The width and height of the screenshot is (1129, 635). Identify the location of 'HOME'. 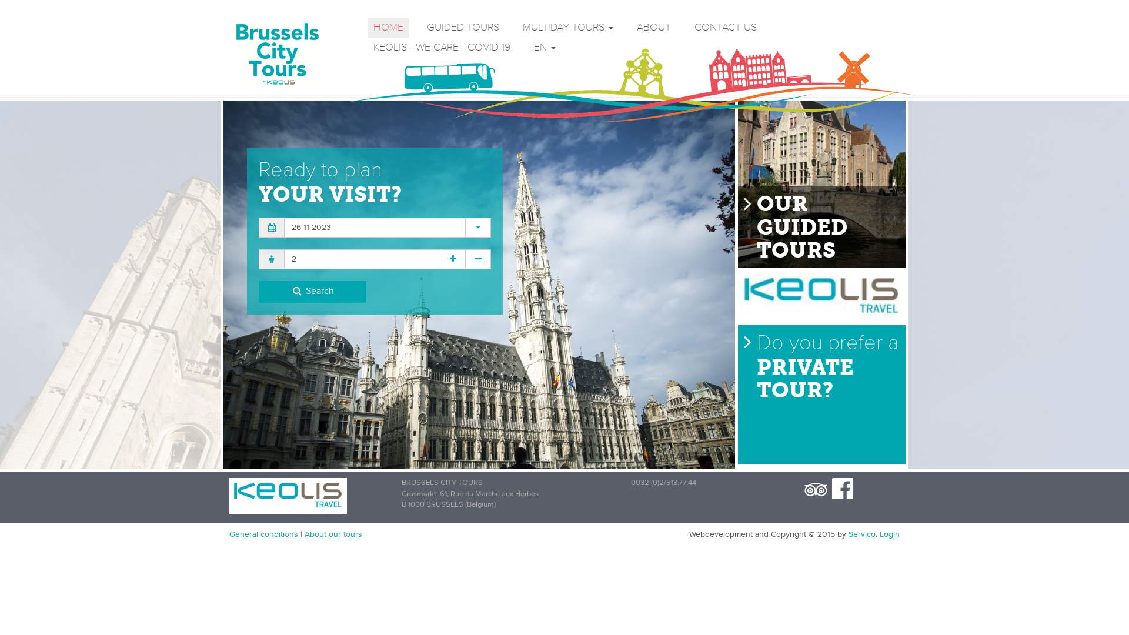
(388, 26).